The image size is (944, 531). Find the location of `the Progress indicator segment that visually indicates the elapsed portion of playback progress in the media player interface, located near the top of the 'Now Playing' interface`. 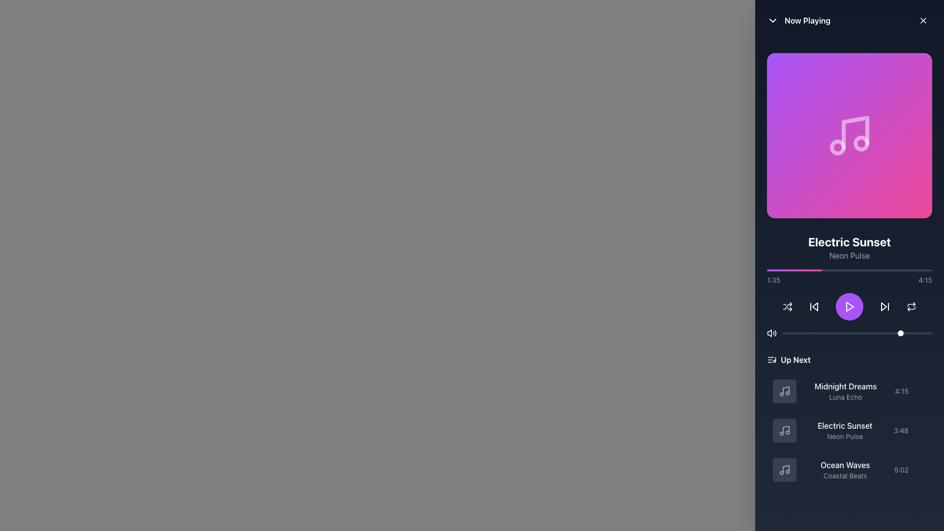

the Progress indicator segment that visually indicates the elapsed portion of playback progress in the media player interface, located near the top of the 'Now Playing' interface is located at coordinates (795, 270).